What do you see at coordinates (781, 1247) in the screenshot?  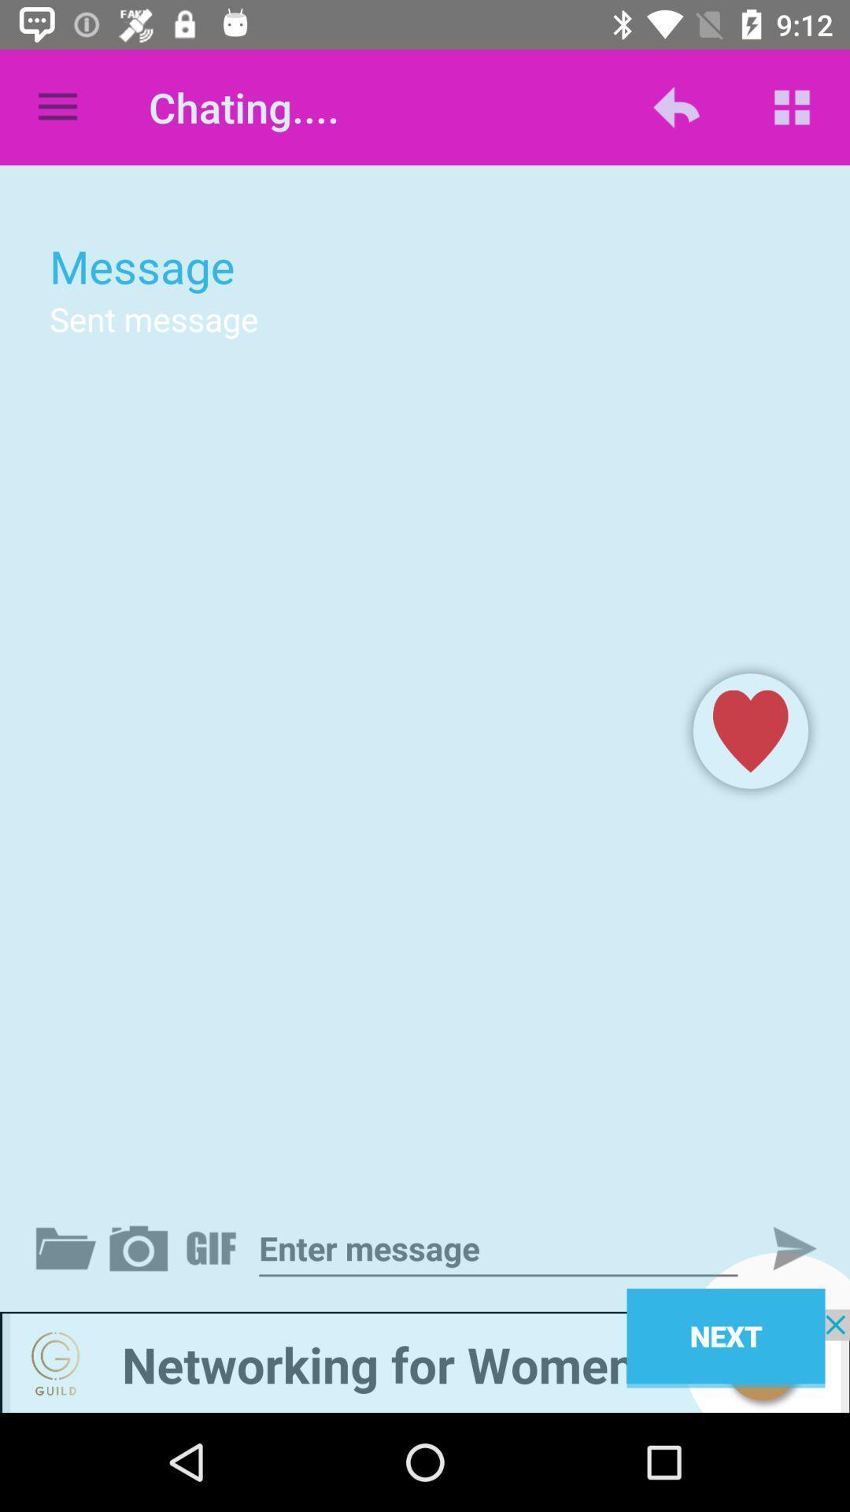 I see `send button` at bounding box center [781, 1247].